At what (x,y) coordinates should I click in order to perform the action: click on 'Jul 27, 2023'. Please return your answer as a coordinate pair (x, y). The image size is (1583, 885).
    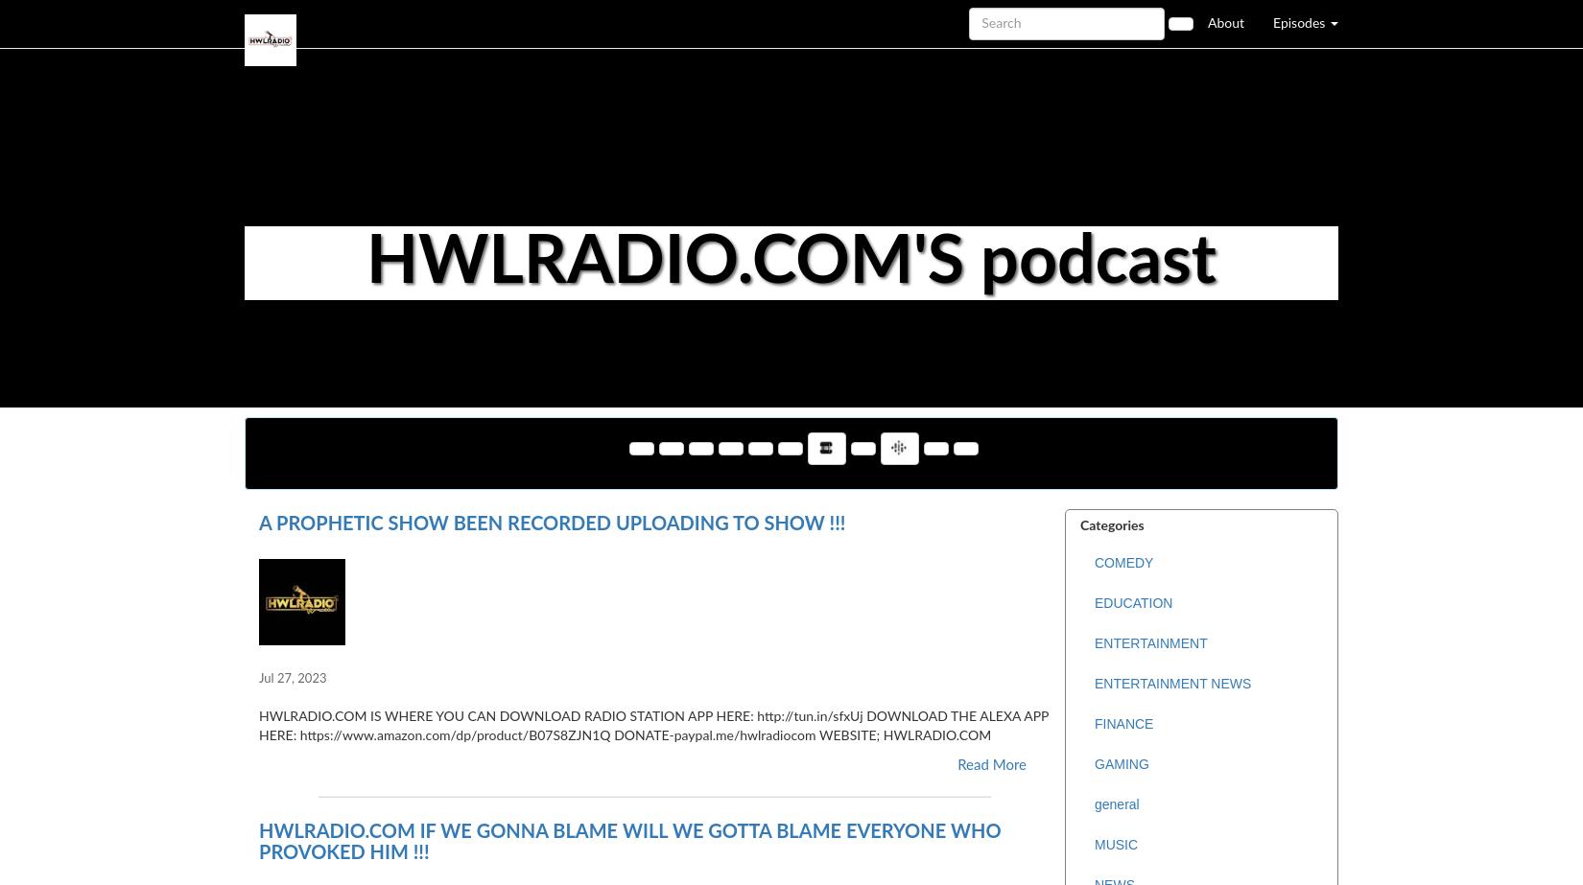
    Looking at the image, I should click on (292, 678).